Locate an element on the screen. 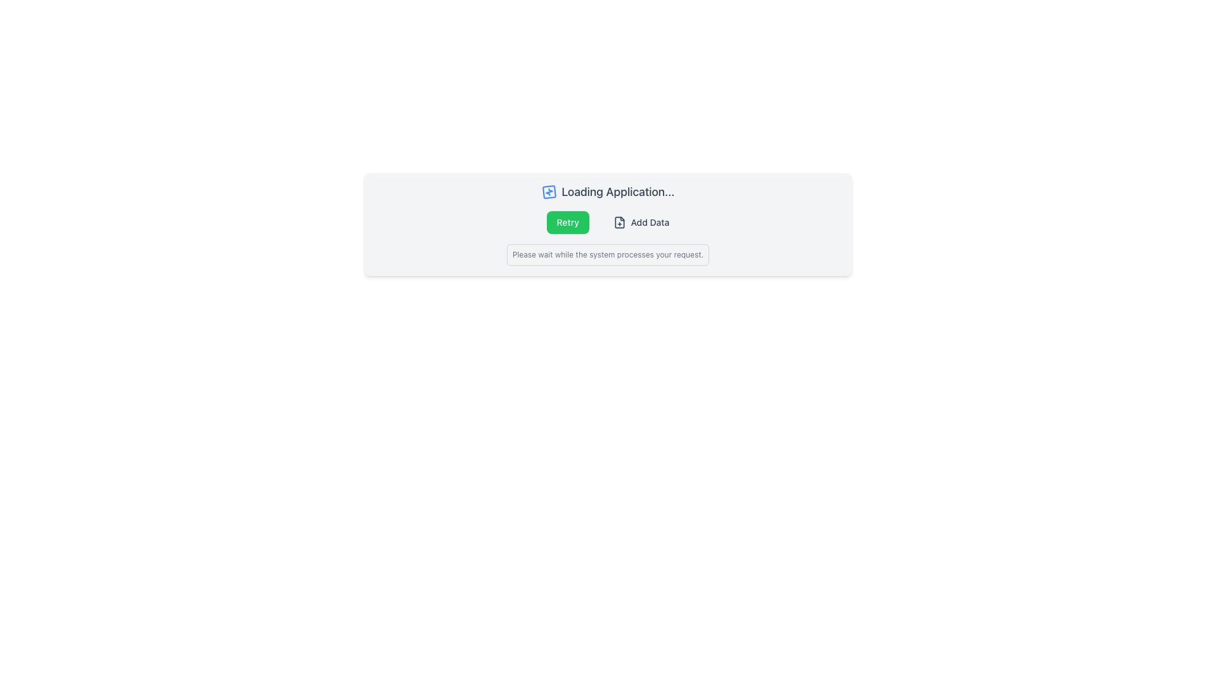 This screenshot has height=685, width=1218. the graphic component that is a thin-lined, geometric design located in the center of the application loading interface is located at coordinates (549, 192).